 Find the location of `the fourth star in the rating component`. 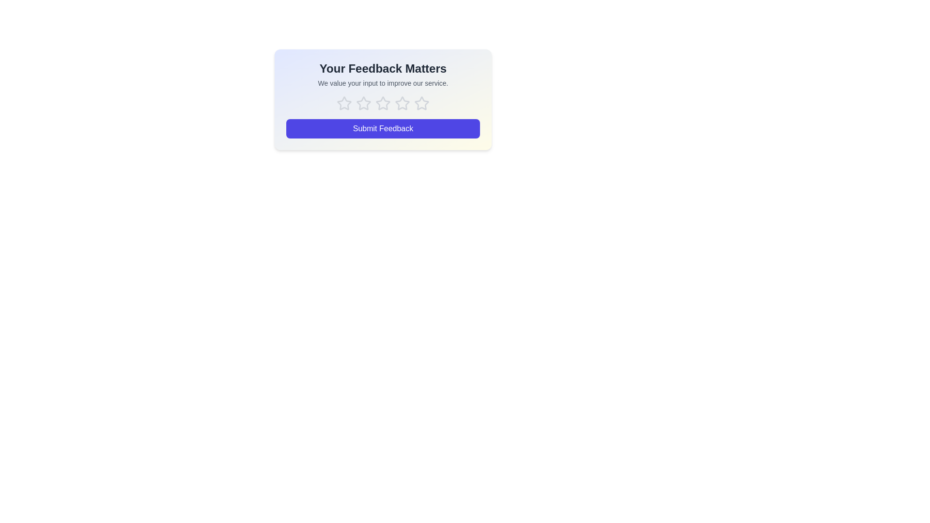

the fourth star in the rating component is located at coordinates (421, 103).